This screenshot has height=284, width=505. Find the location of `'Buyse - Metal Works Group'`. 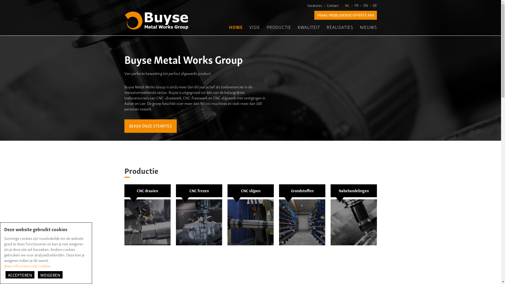

'Buyse - Metal Works Group' is located at coordinates (124, 20).